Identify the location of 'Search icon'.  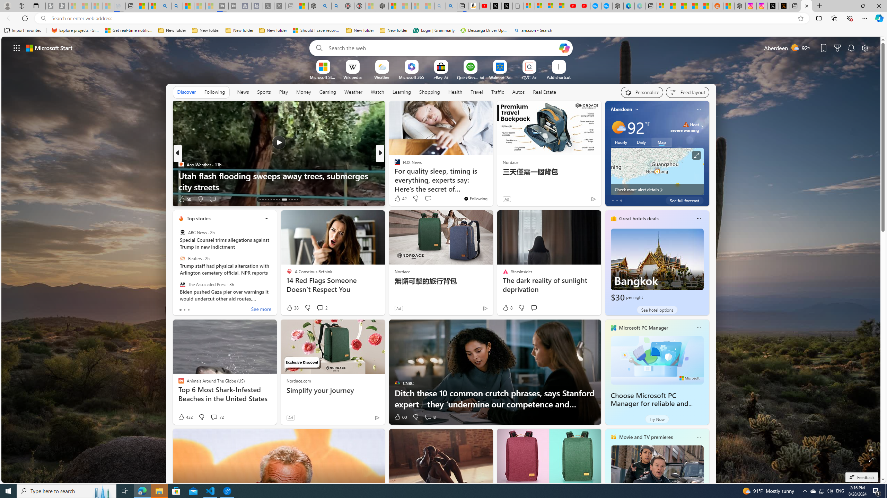
(43, 18).